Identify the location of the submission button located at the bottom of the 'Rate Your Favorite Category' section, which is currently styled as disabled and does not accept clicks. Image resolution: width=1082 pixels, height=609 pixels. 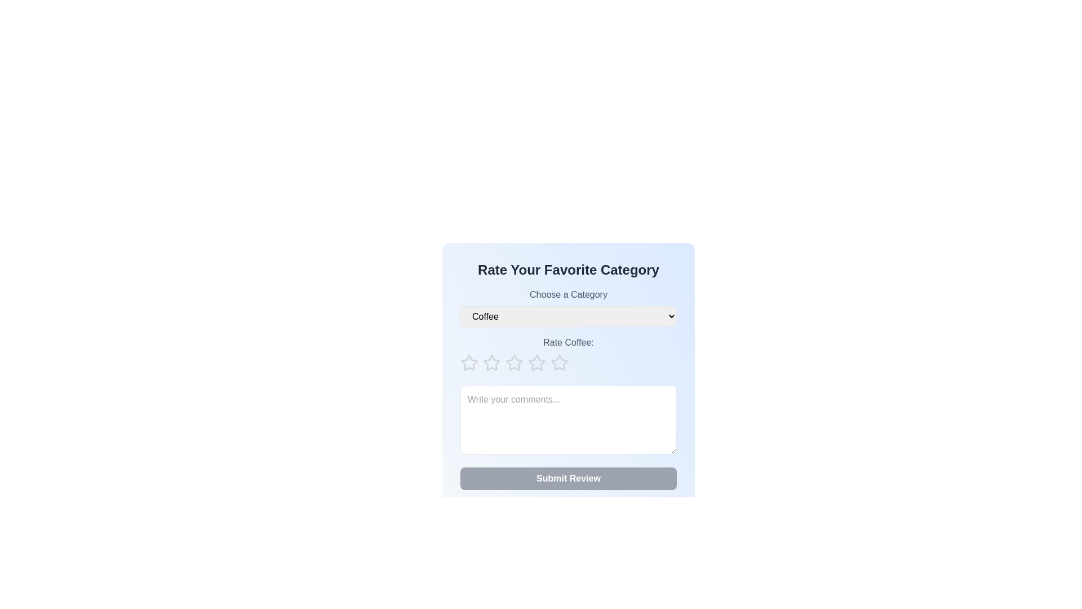
(568, 478).